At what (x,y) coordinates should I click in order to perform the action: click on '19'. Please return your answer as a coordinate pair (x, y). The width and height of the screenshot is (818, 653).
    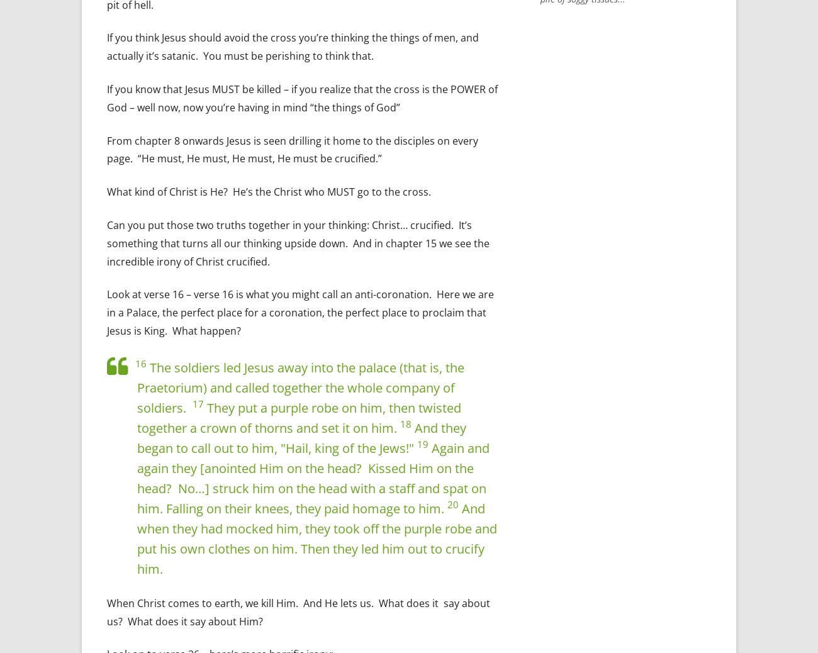
    Looking at the image, I should click on (422, 444).